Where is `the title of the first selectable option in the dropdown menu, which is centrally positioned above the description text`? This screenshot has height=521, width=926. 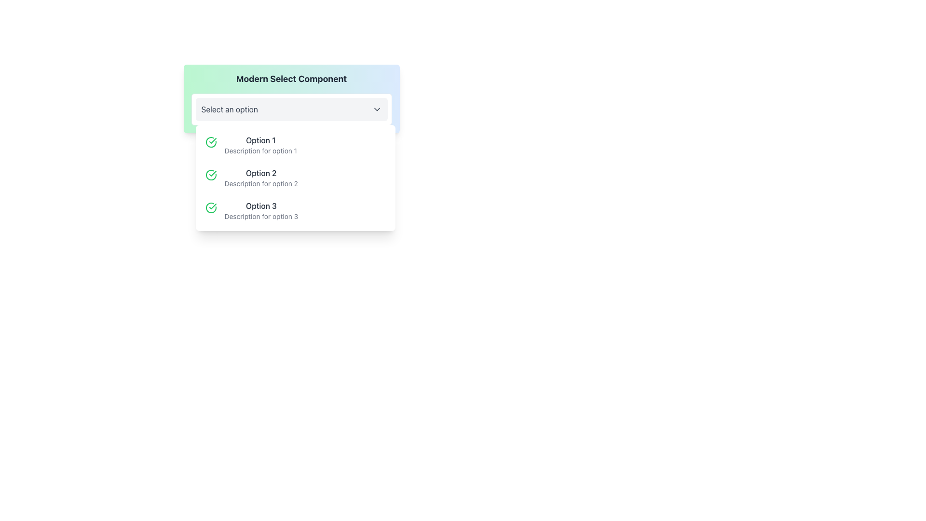
the title of the first selectable option in the dropdown menu, which is centrally positioned above the description text is located at coordinates (260, 140).